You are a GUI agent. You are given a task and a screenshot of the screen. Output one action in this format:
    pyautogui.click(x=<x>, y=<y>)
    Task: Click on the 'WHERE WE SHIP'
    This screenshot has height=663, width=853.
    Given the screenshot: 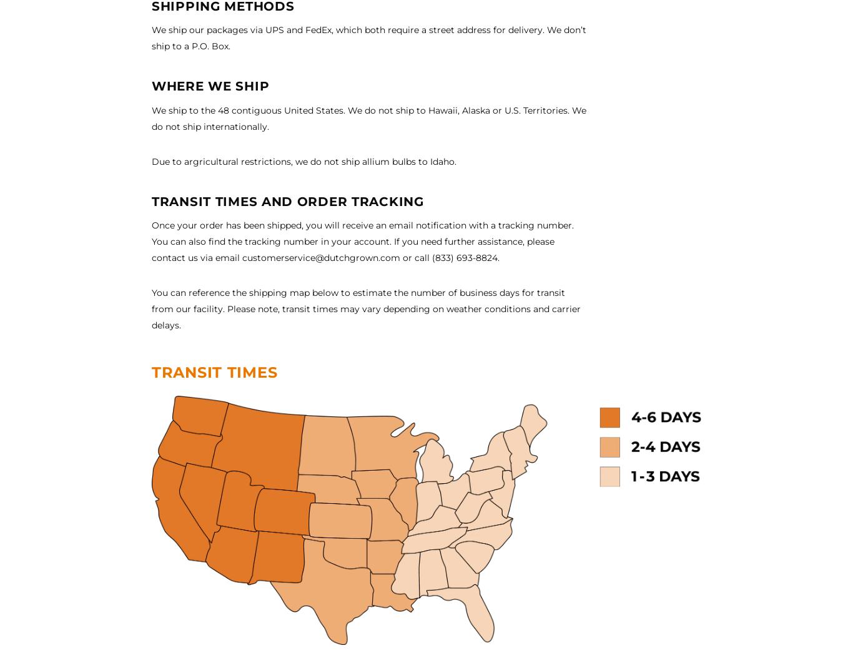 What is the action you would take?
    pyautogui.click(x=152, y=86)
    